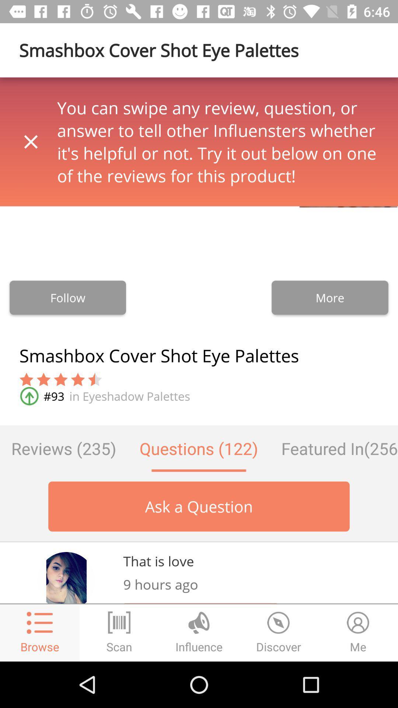 The image size is (398, 708). What do you see at coordinates (199, 632) in the screenshot?
I see `the globe icon` at bounding box center [199, 632].